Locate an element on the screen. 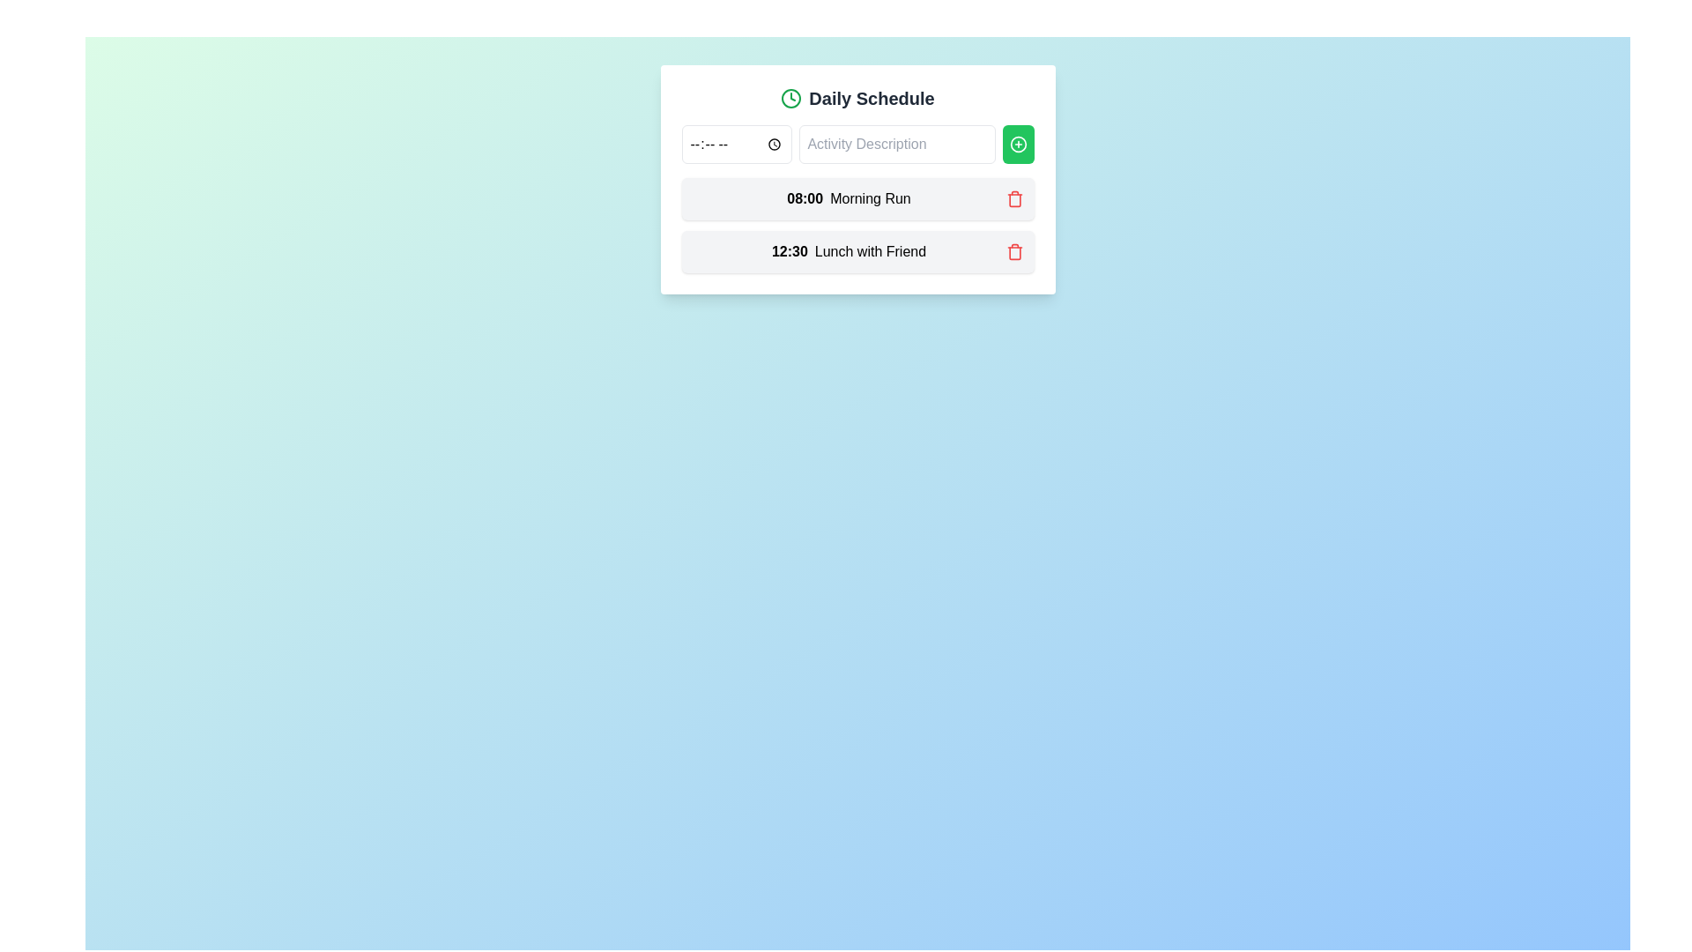  the text input field for 'Activity Description' to focus on it is located at coordinates (897, 144).